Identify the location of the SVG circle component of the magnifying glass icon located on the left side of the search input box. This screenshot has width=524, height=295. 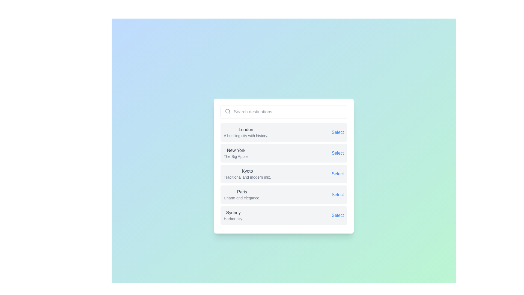
(228, 111).